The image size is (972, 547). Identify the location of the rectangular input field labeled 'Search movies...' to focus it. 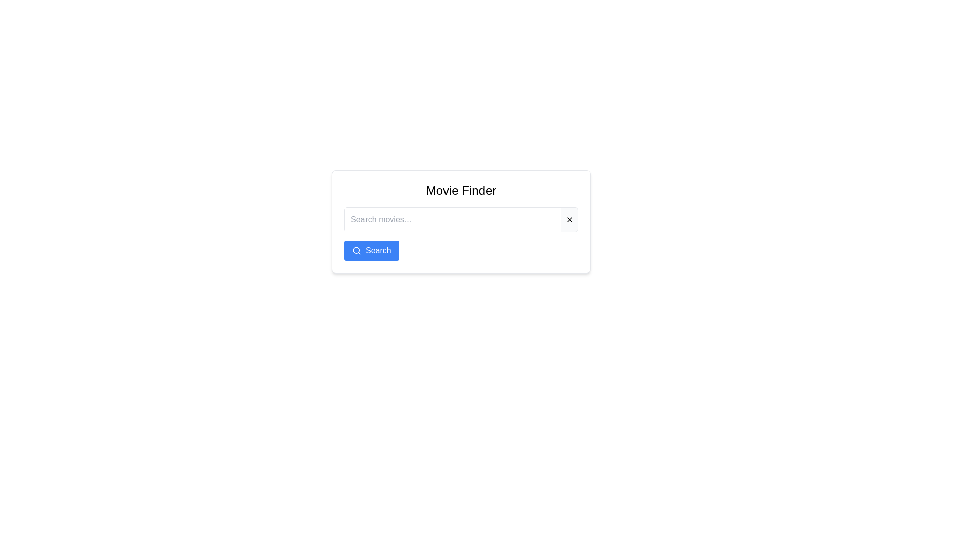
(461, 219).